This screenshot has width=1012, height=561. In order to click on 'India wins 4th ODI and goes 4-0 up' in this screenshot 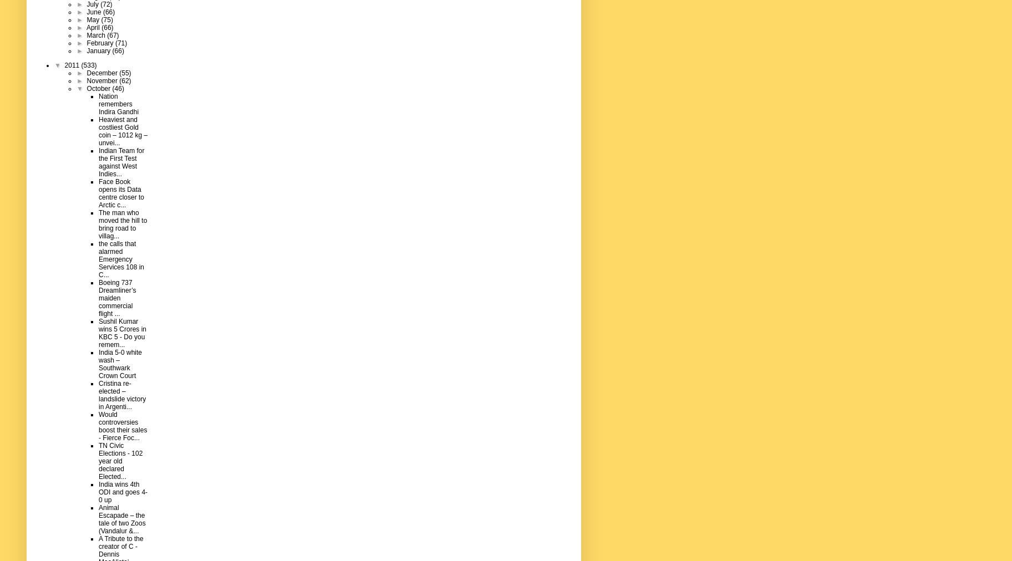, I will do `click(123, 492)`.